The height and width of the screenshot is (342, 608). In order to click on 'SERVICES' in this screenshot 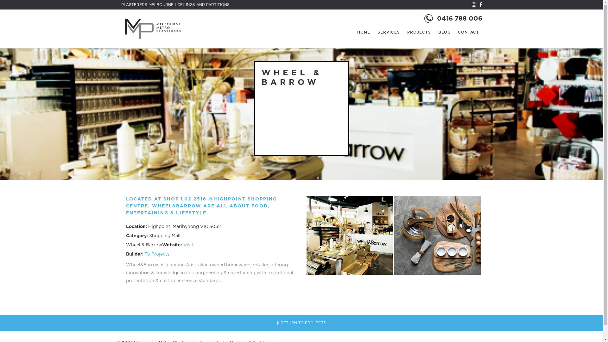, I will do `click(388, 32)`.